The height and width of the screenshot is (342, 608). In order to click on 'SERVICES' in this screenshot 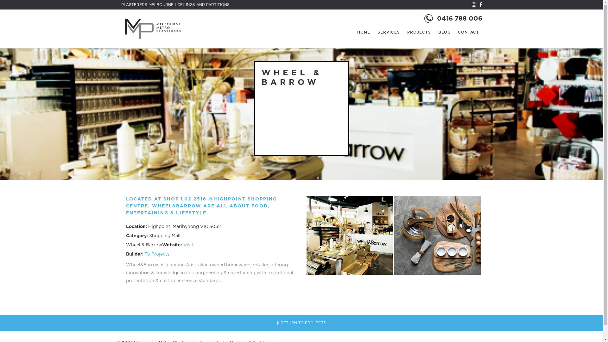, I will do `click(388, 32)`.